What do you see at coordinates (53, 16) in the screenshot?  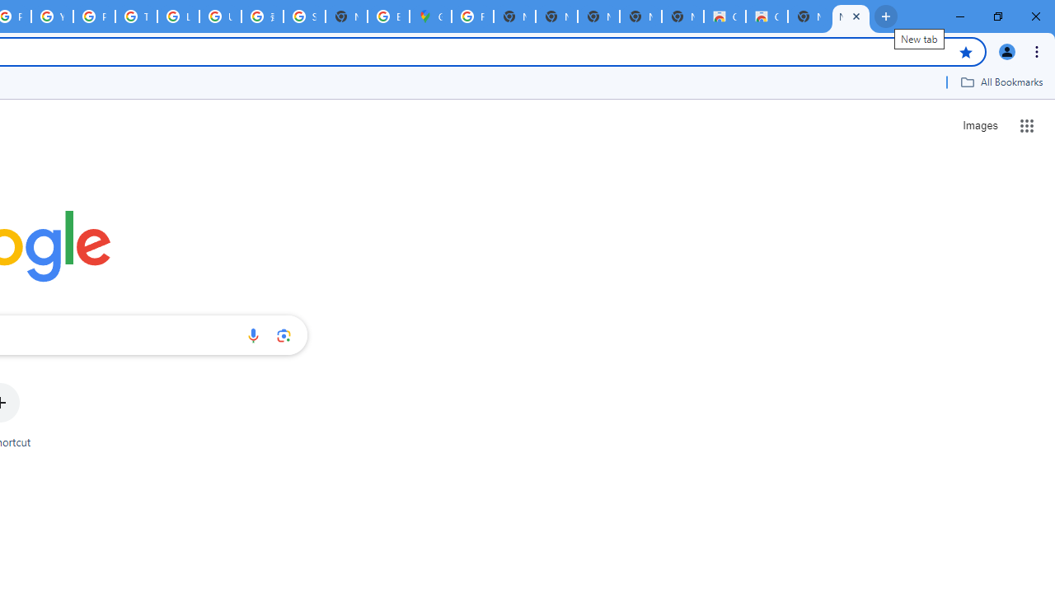 I see `'YouTube'` at bounding box center [53, 16].